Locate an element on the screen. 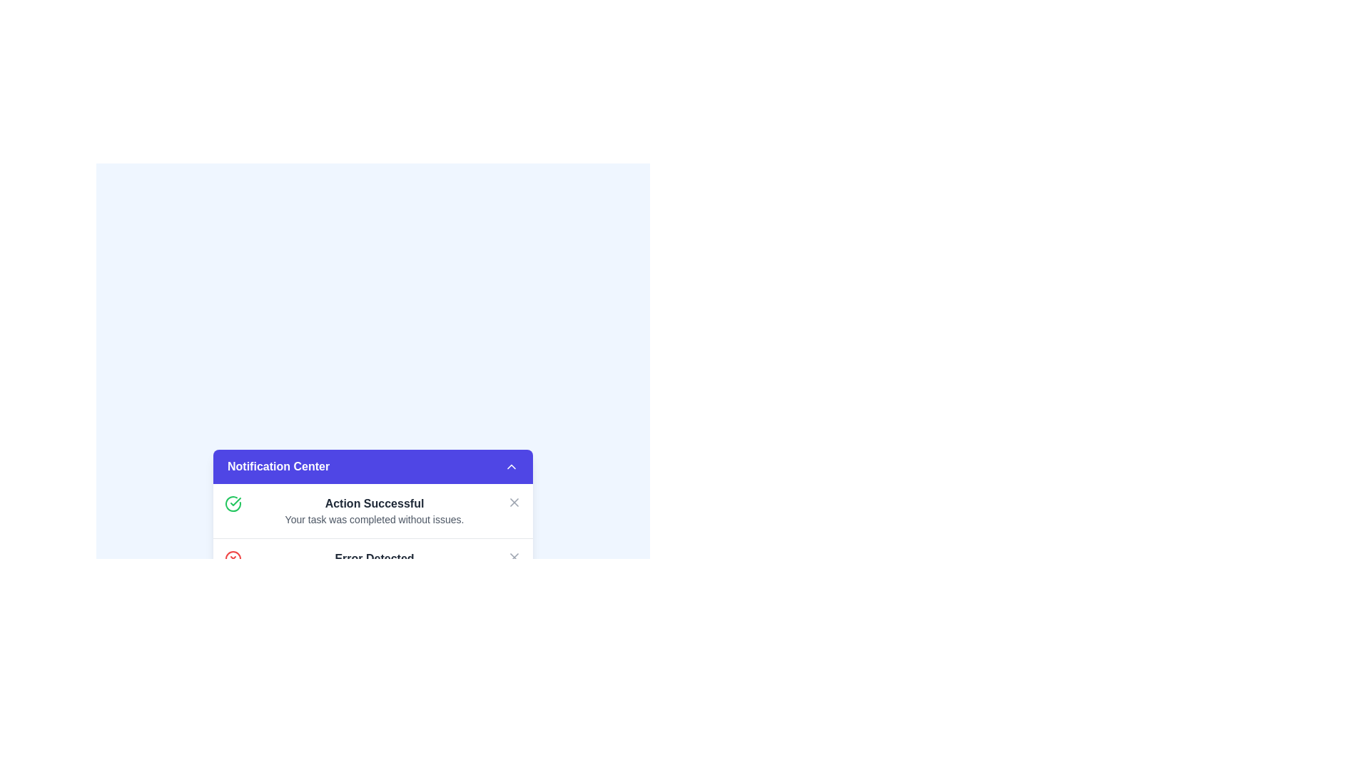  the error notification text component located under the 'Action Successful' notification in the 'Notification Center' is located at coordinates (374, 565).